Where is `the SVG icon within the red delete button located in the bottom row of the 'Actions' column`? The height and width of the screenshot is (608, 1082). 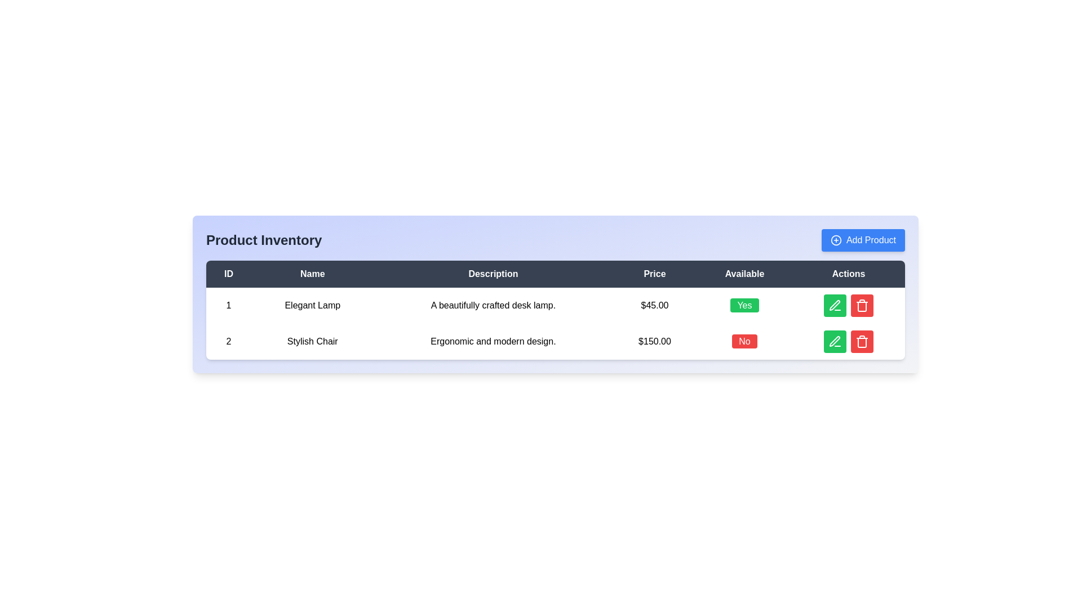
the SVG icon within the red delete button located in the bottom row of the 'Actions' column is located at coordinates (862, 306).